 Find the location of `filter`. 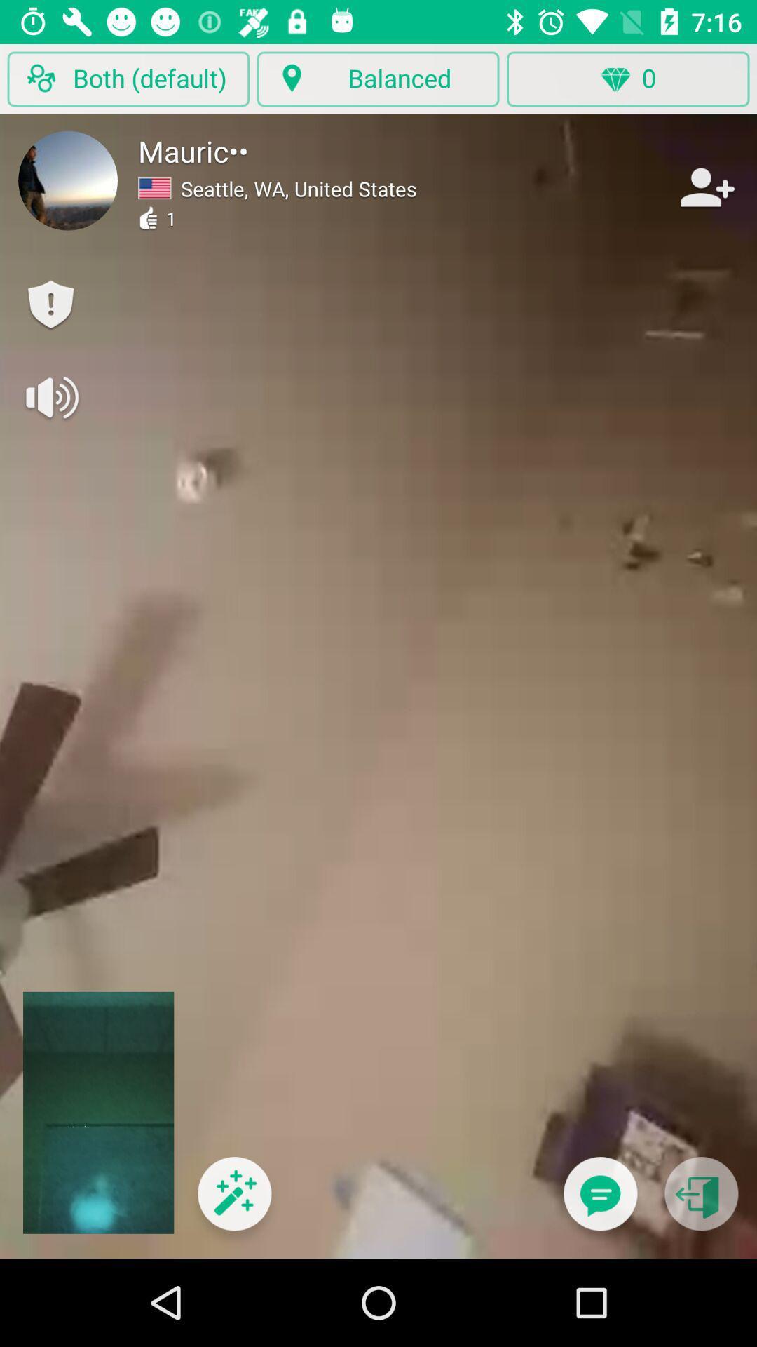

filter is located at coordinates (233, 1202).